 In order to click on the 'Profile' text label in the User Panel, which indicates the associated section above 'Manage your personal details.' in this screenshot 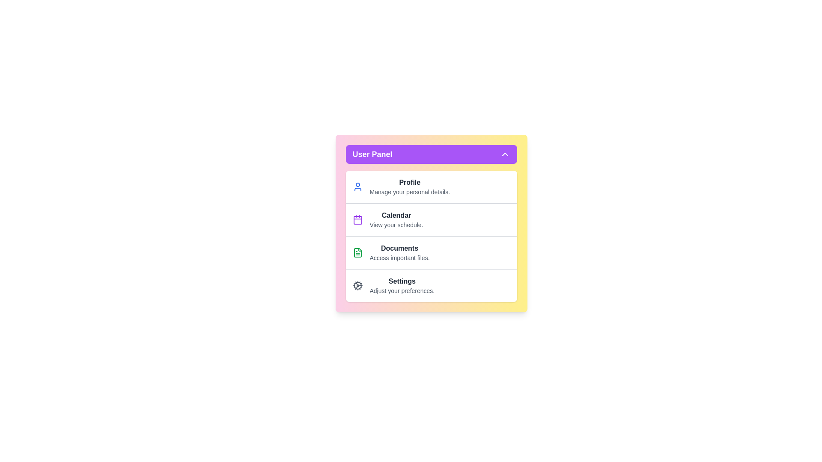, I will do `click(409, 182)`.